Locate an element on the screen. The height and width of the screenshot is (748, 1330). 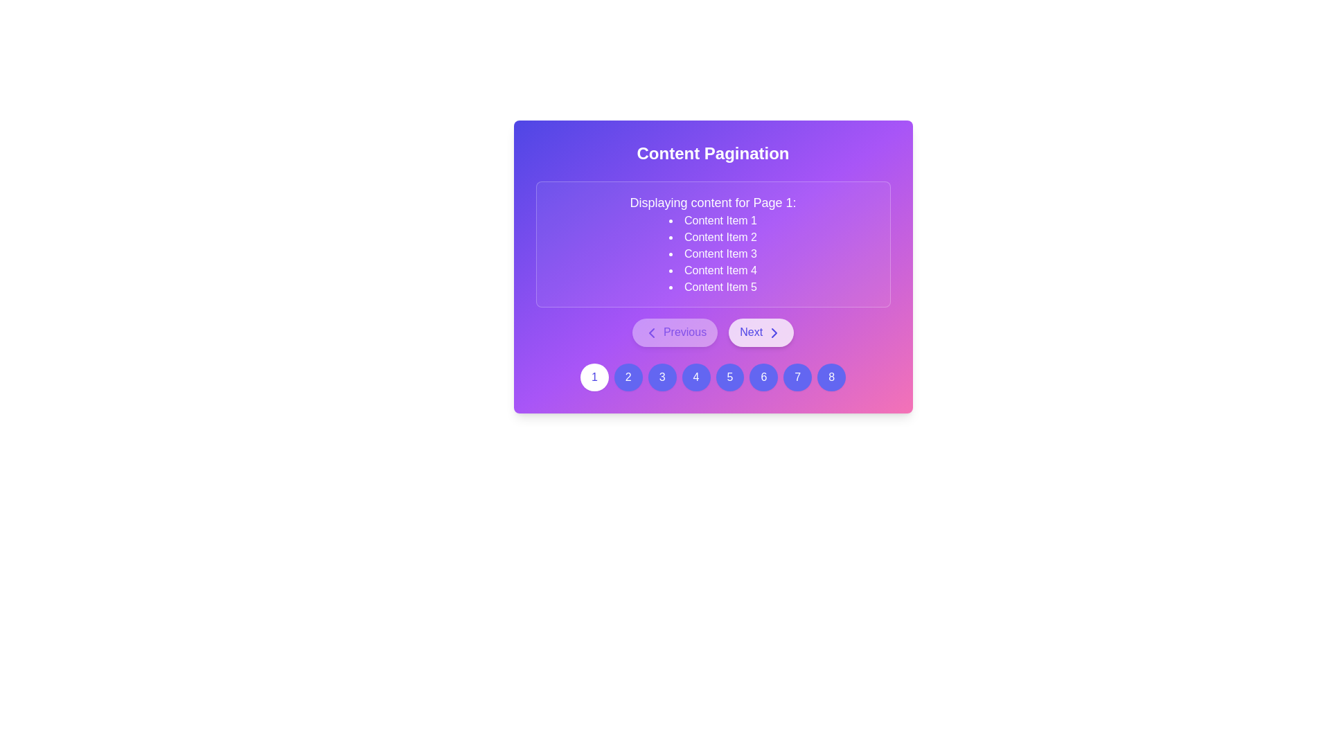
the previous button containing the left-pointing chevron icon, which is a minimalistic design with two intersecting lines forming an arrow shape is located at coordinates (651, 332).